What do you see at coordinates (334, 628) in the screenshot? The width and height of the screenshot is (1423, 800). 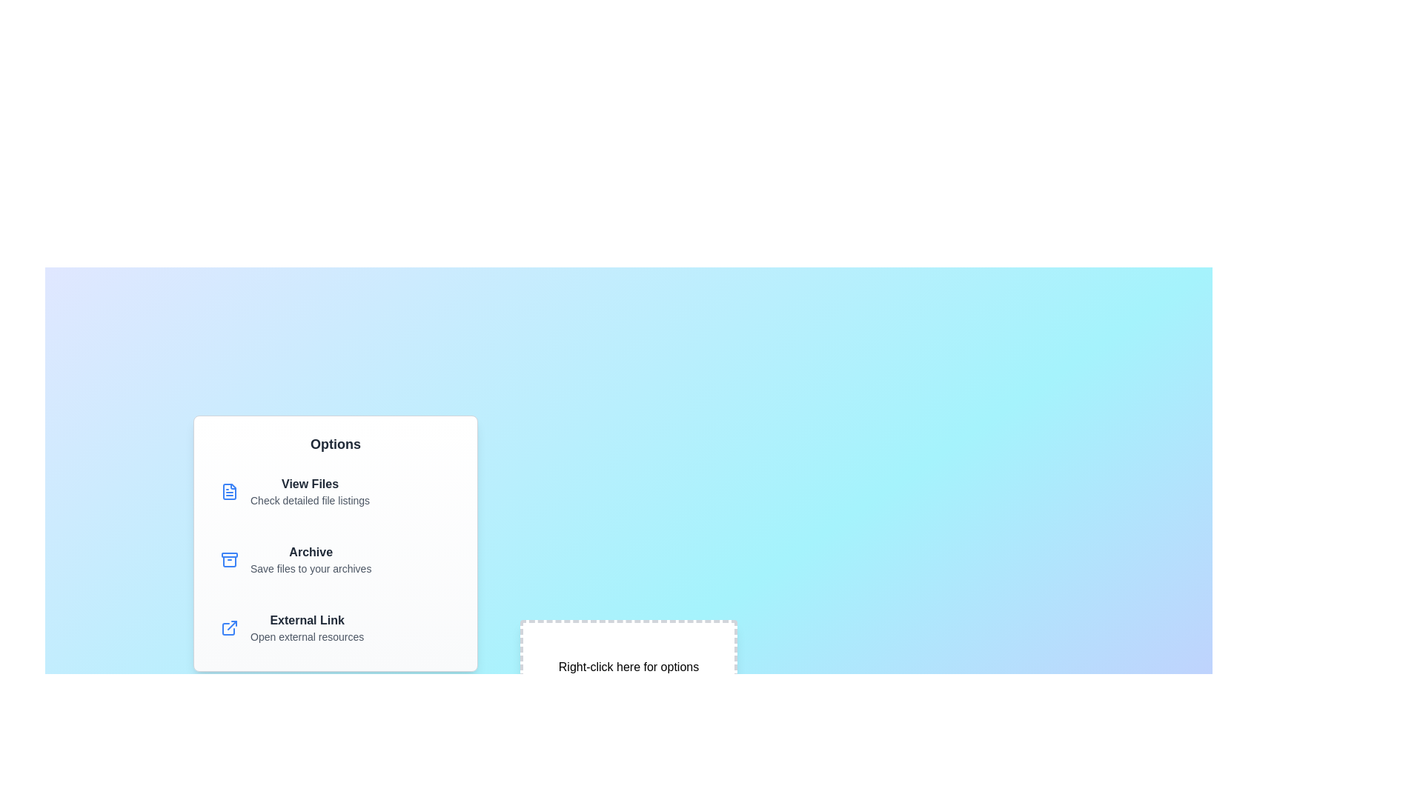 I see `the menu item 'External Link' to view its hover effect` at bounding box center [334, 628].